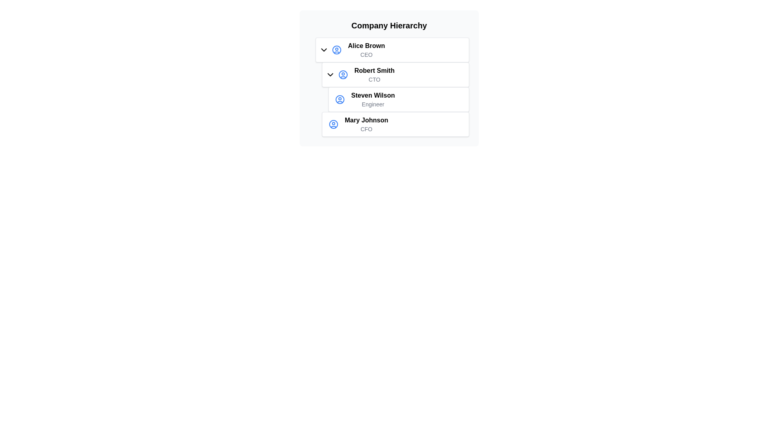 This screenshot has width=768, height=432. I want to click on the bold text label displaying 'Steven Wilson' for interaction, so click(372, 95).